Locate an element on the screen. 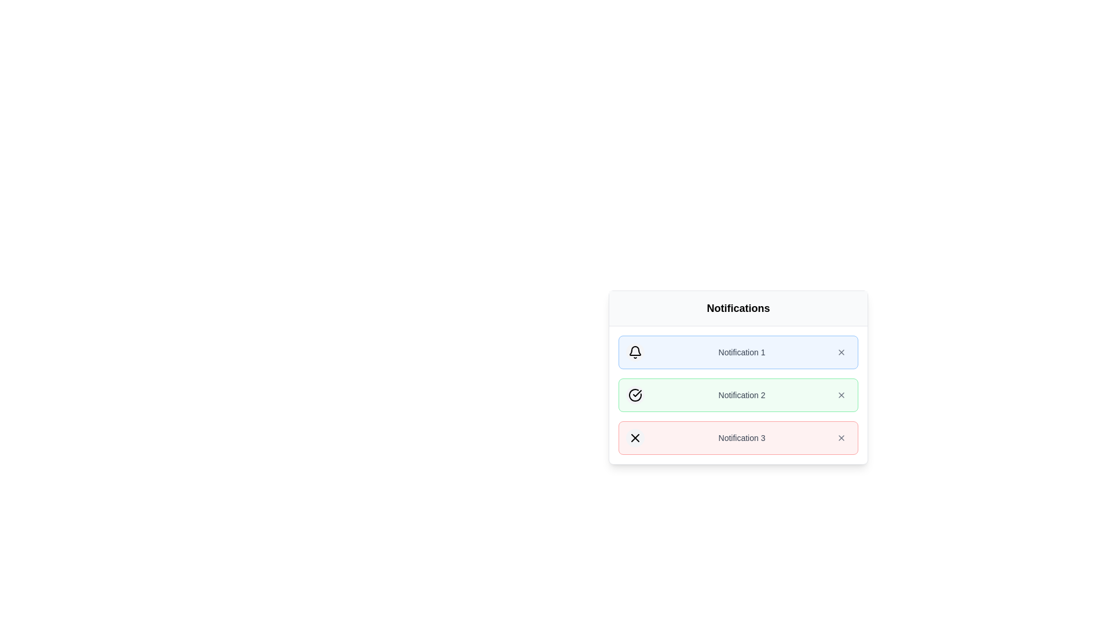 The image size is (1112, 625). the Notification item displaying 'Notification 2' with an associated checkmark icon and a close action button, located centrally in the notification list is located at coordinates (738, 394).